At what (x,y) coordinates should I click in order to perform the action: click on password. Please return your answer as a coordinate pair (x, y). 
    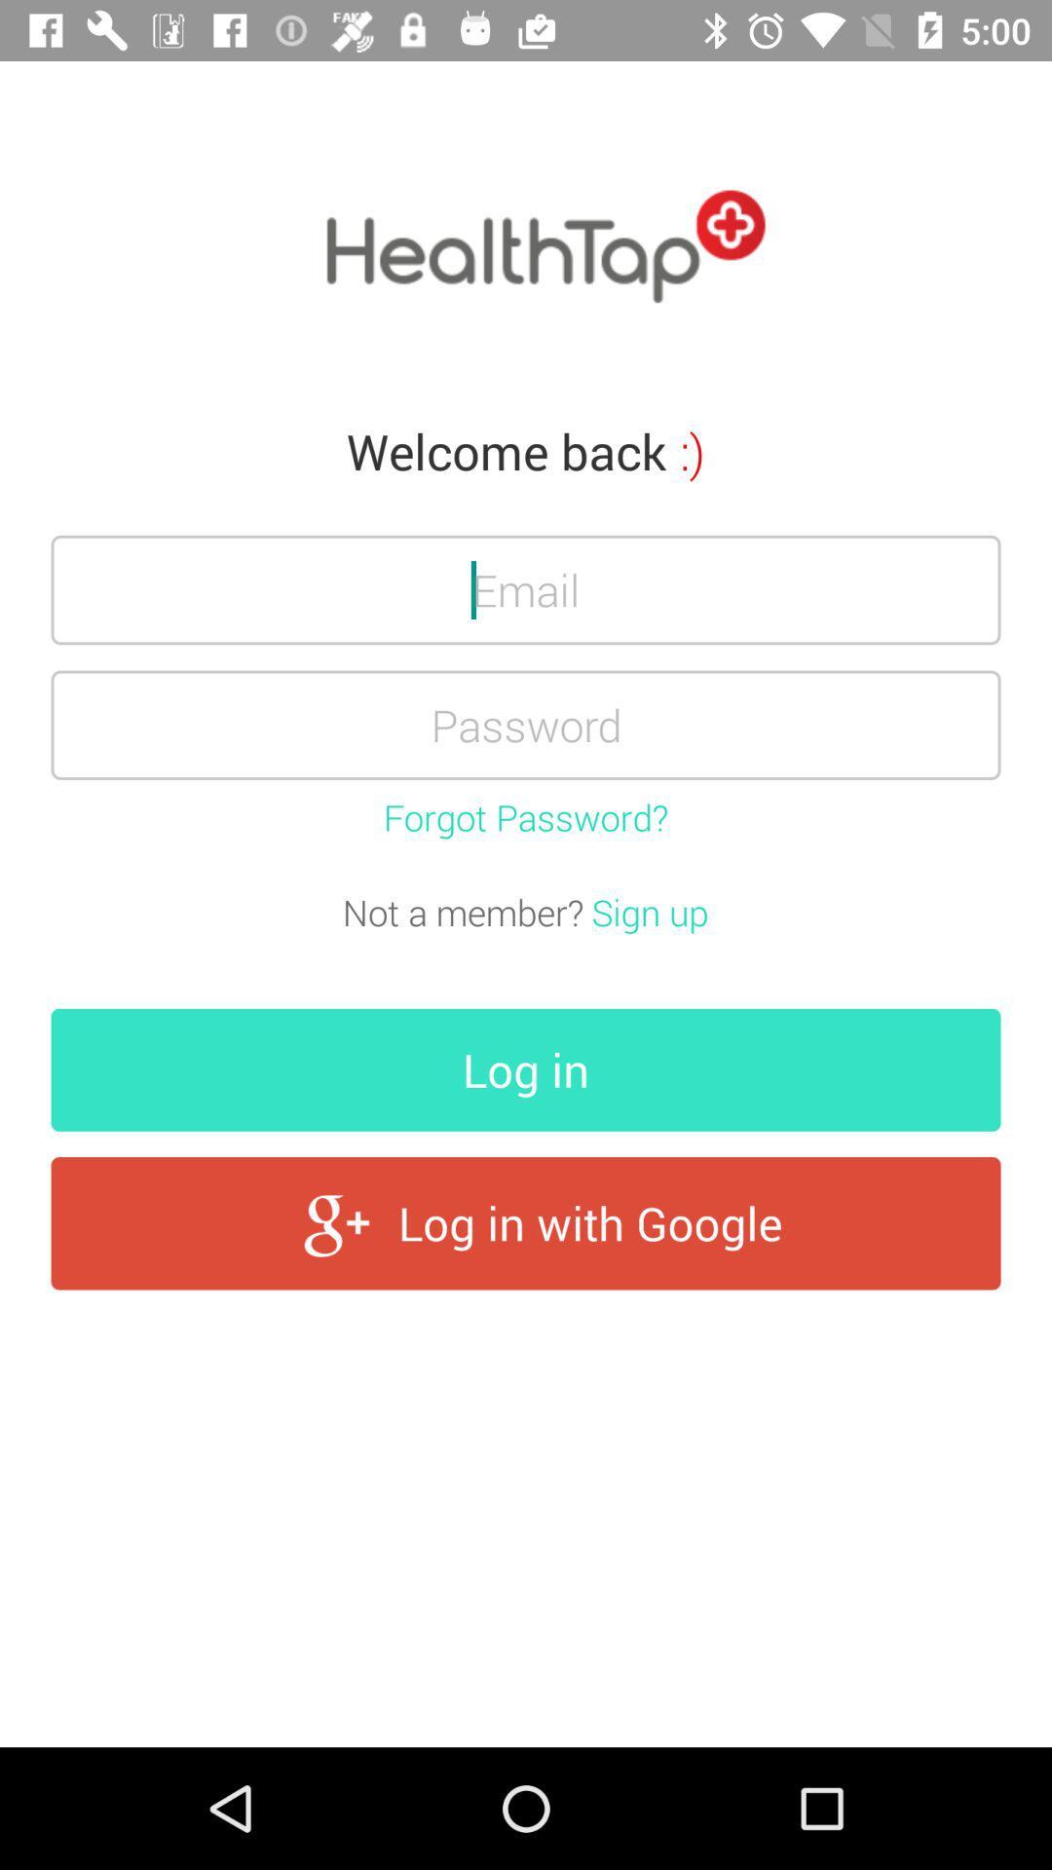
    Looking at the image, I should click on (526, 724).